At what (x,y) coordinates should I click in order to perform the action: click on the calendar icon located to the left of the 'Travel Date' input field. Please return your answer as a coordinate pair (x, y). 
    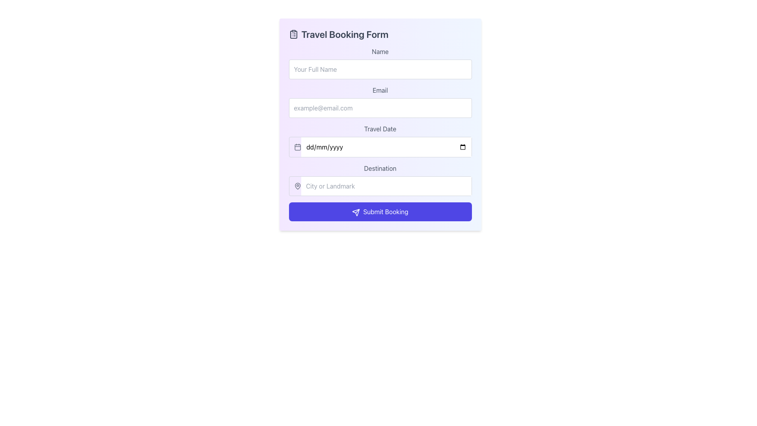
    Looking at the image, I should click on (297, 147).